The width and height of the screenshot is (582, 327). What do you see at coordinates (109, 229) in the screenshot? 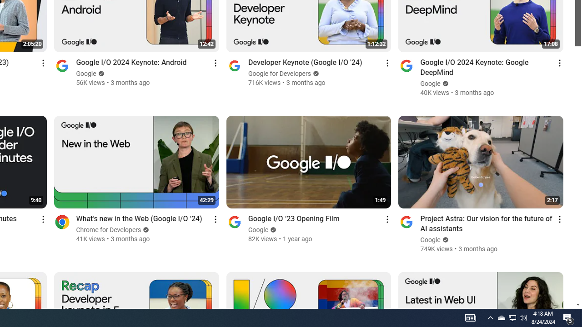
I see `'Chrome for Developers'` at bounding box center [109, 229].